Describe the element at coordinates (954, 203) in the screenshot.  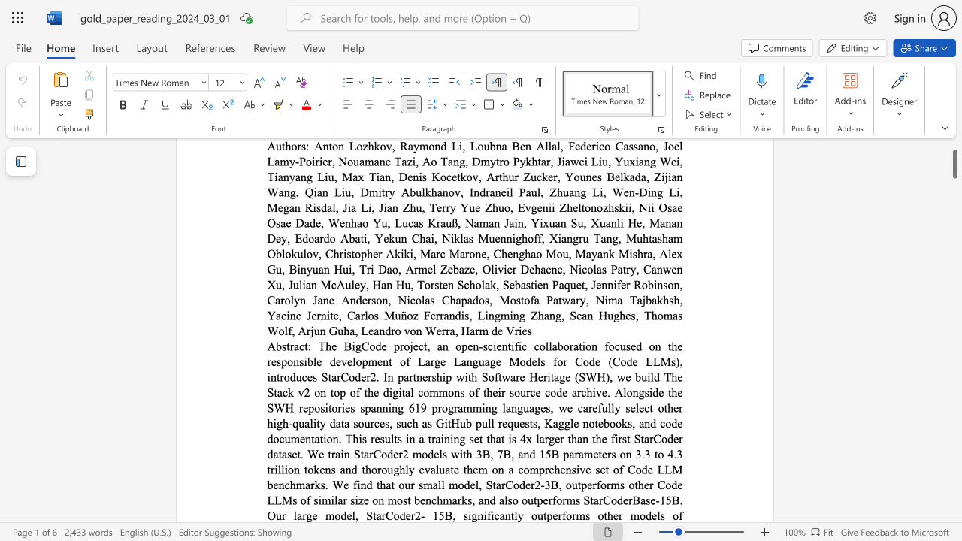
I see `the scrollbar to scroll the page down` at that location.